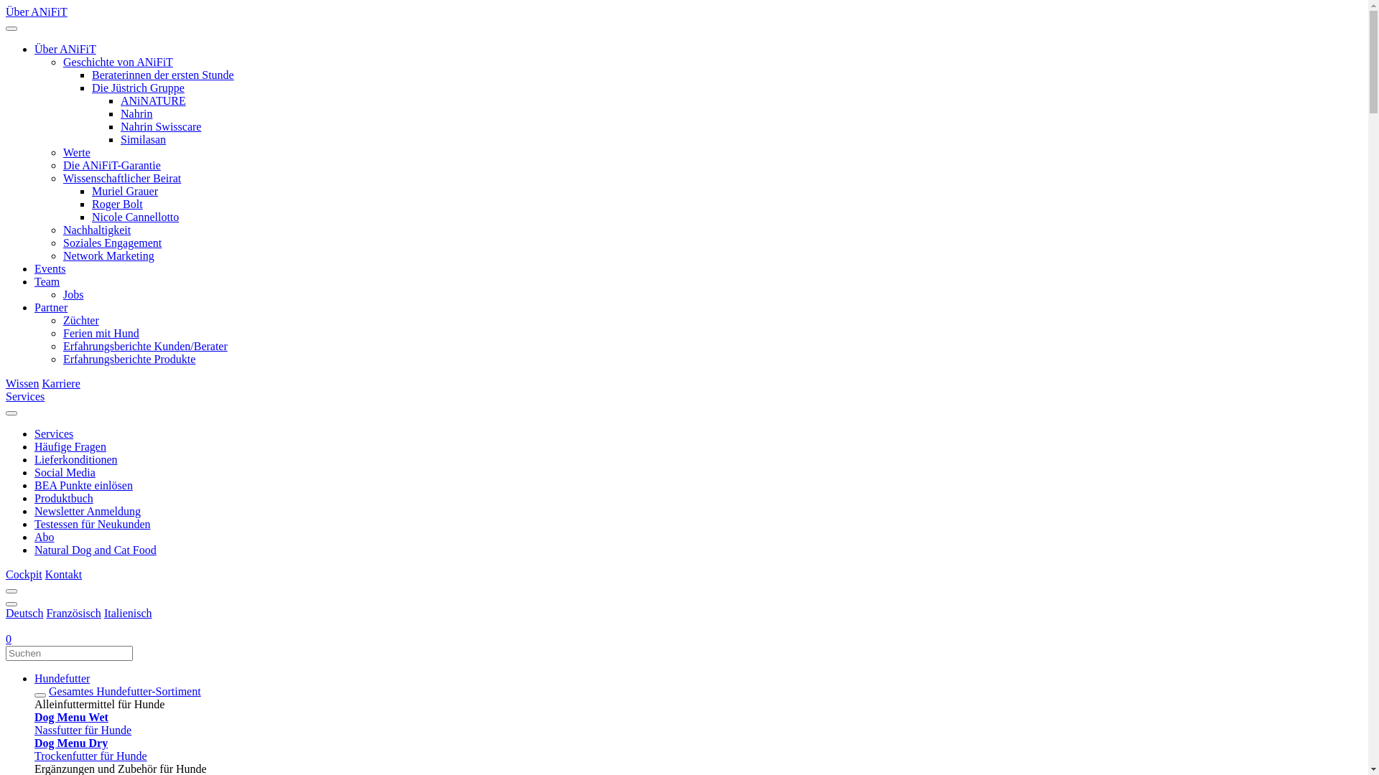  What do you see at coordinates (64, 472) in the screenshot?
I see `'Social Media'` at bounding box center [64, 472].